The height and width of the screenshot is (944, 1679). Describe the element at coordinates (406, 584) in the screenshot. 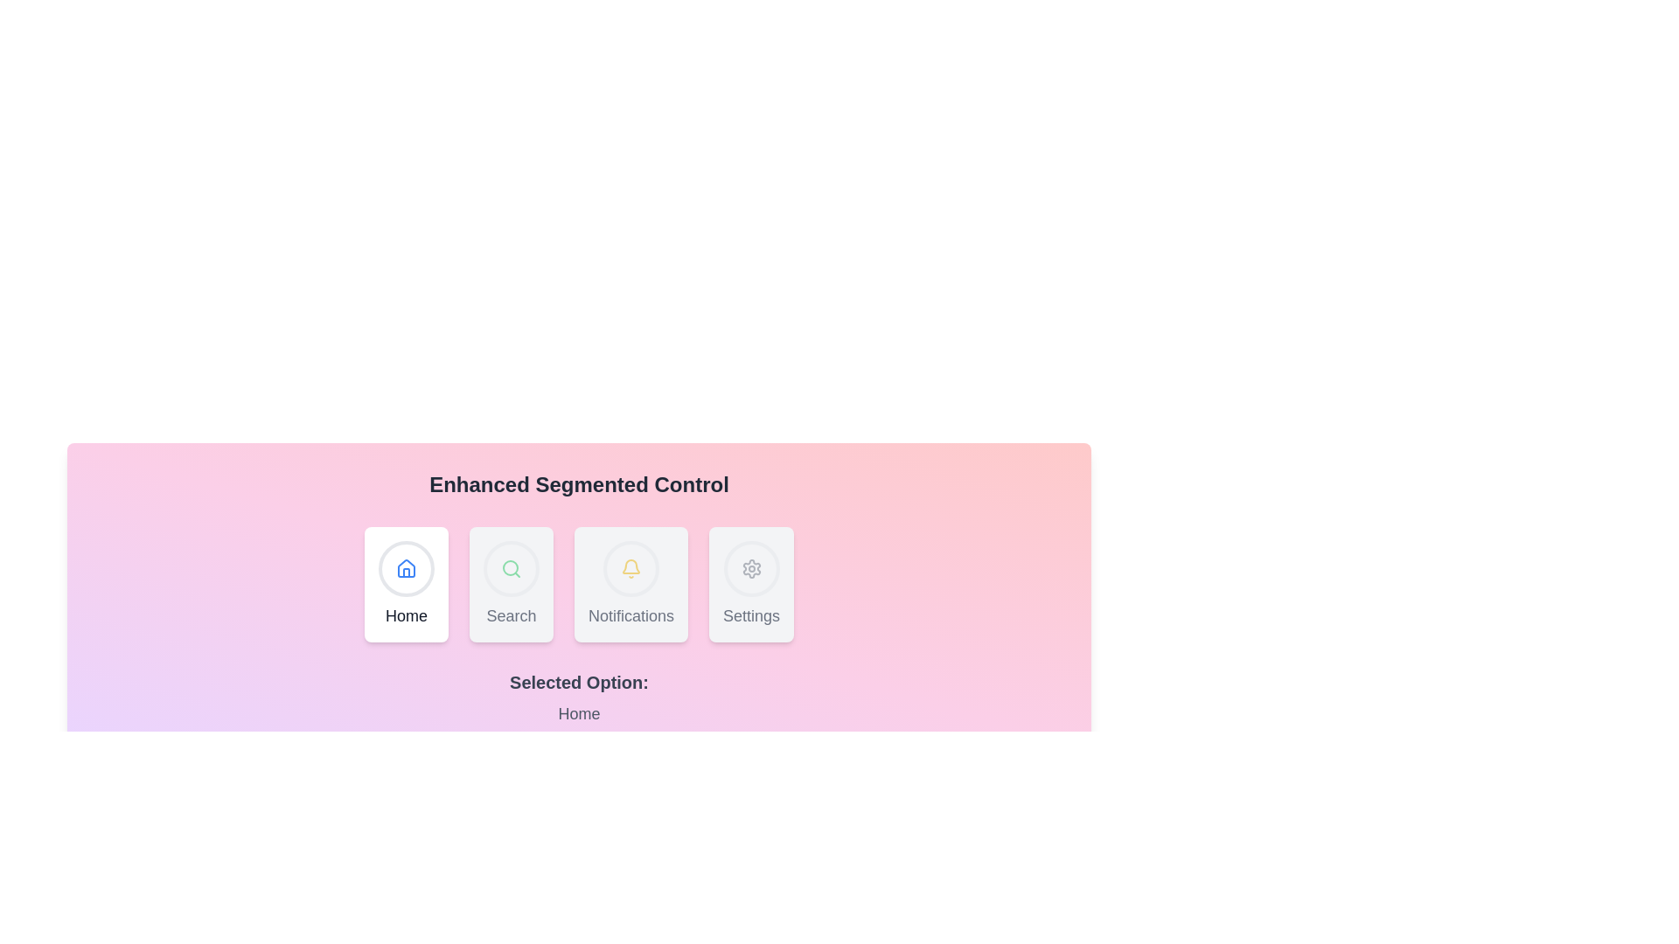

I see `the 'Home' button, which features a house icon outlined in blue and a label reading 'Home' in bold, dark gray text` at that location.